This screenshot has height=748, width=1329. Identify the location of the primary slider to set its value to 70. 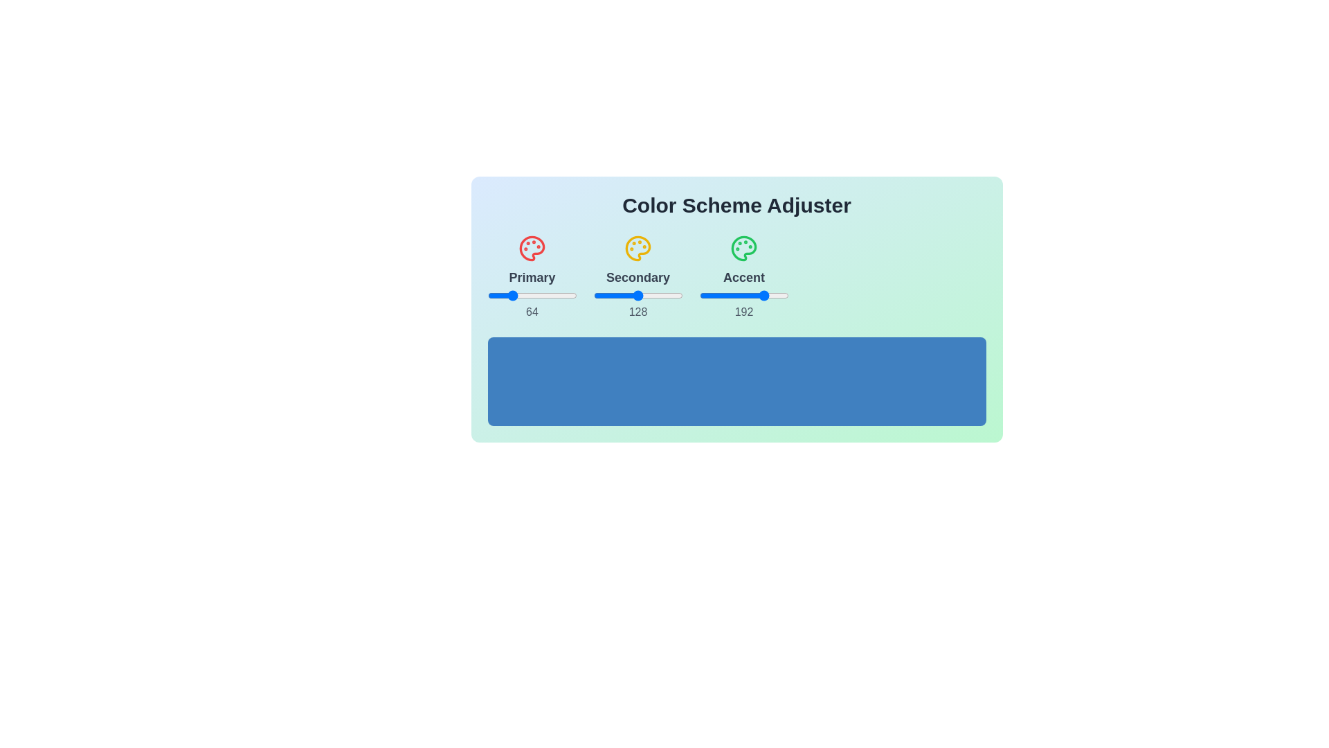
(511, 295).